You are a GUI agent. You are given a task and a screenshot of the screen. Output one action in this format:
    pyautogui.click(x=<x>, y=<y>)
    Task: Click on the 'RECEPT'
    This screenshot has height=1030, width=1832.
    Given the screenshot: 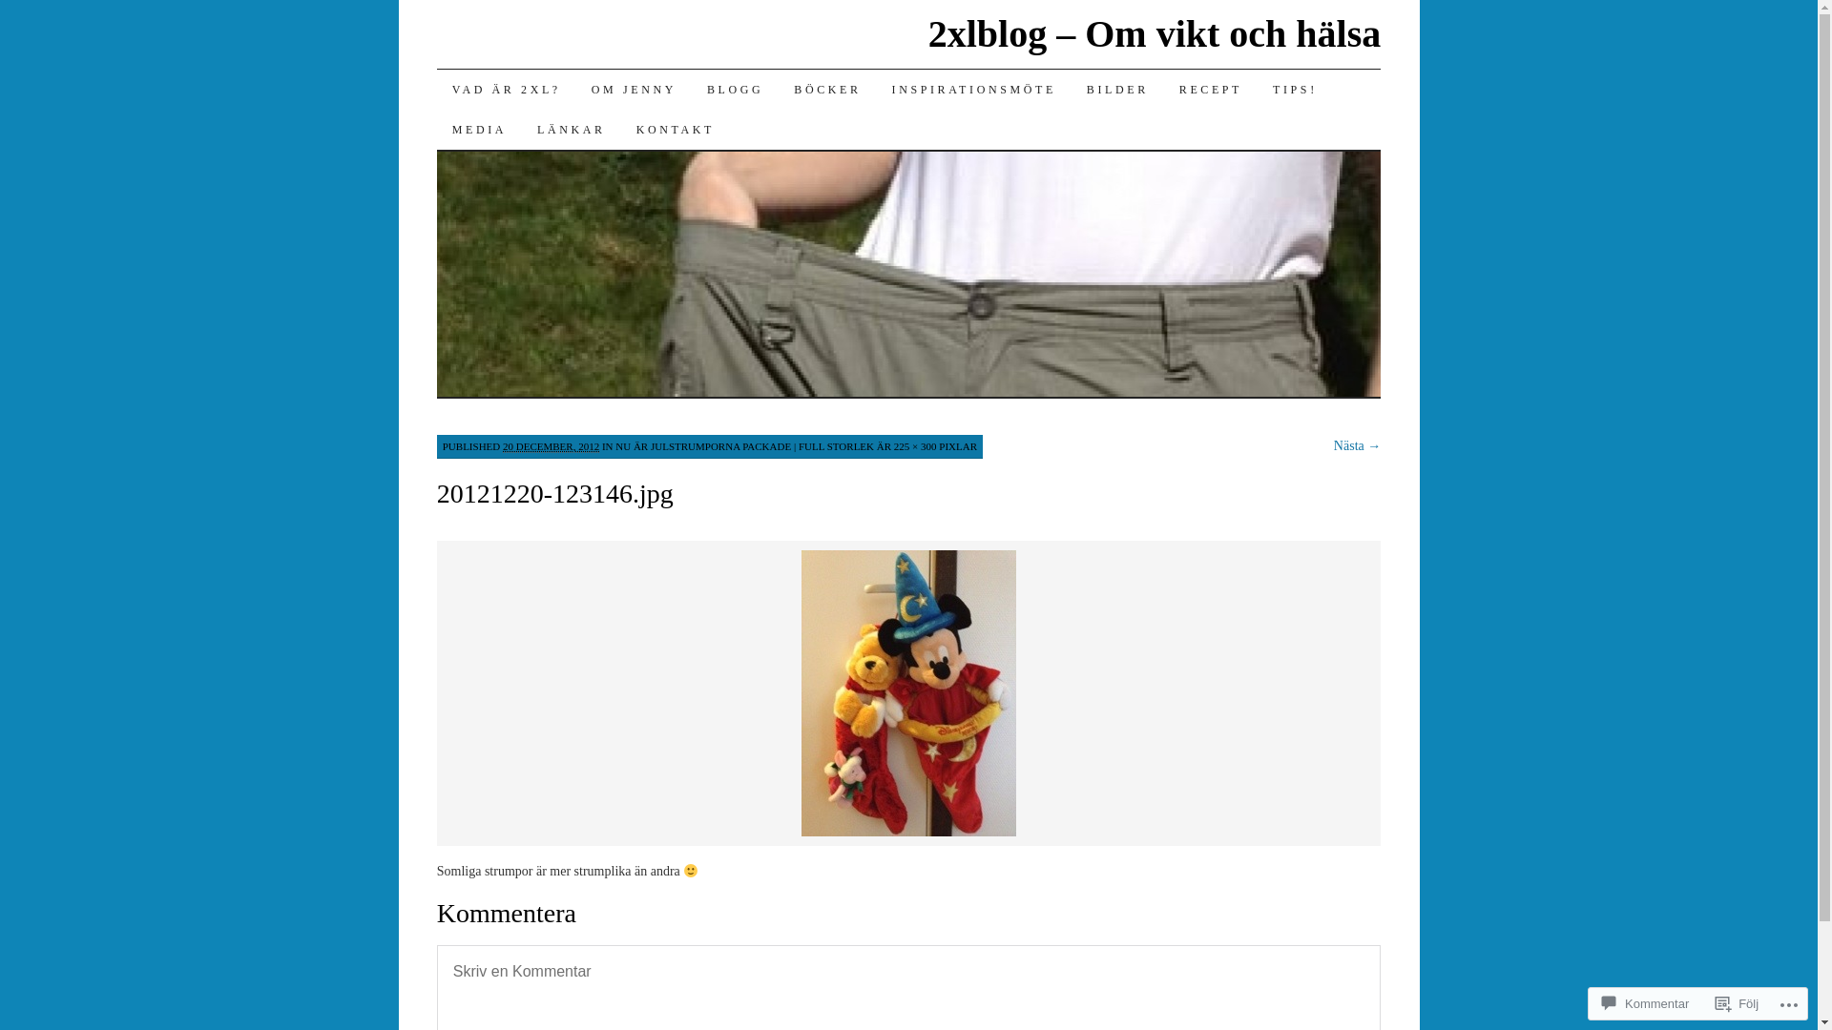 What is the action you would take?
    pyautogui.click(x=1209, y=89)
    